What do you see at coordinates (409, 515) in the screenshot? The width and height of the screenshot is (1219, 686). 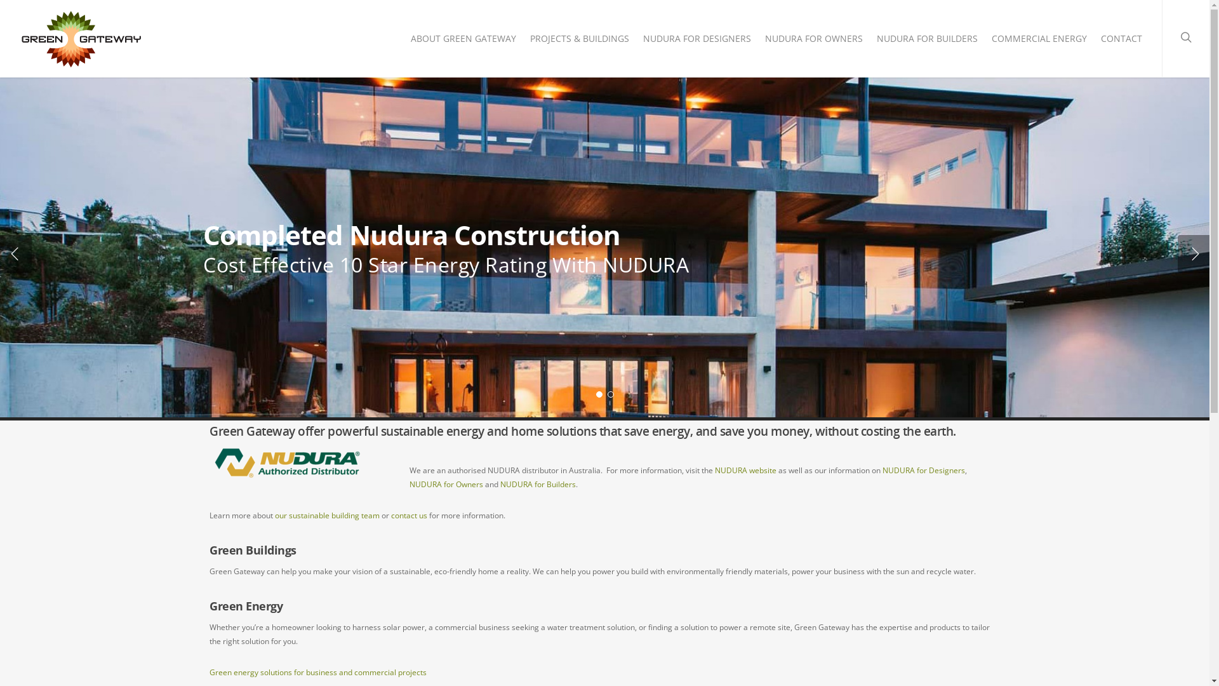 I see `'contact us'` at bounding box center [409, 515].